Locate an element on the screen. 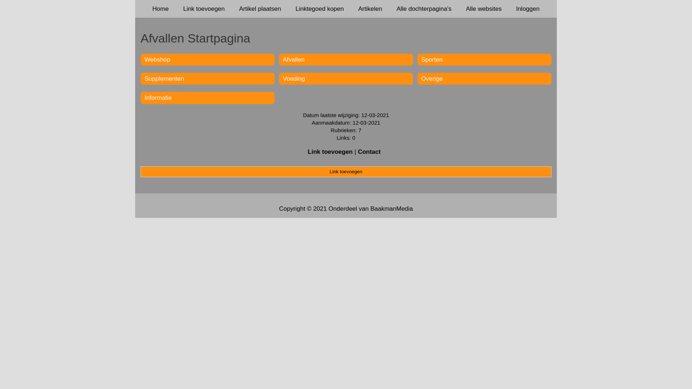  'Artikel plaatsen' is located at coordinates (259, 9).